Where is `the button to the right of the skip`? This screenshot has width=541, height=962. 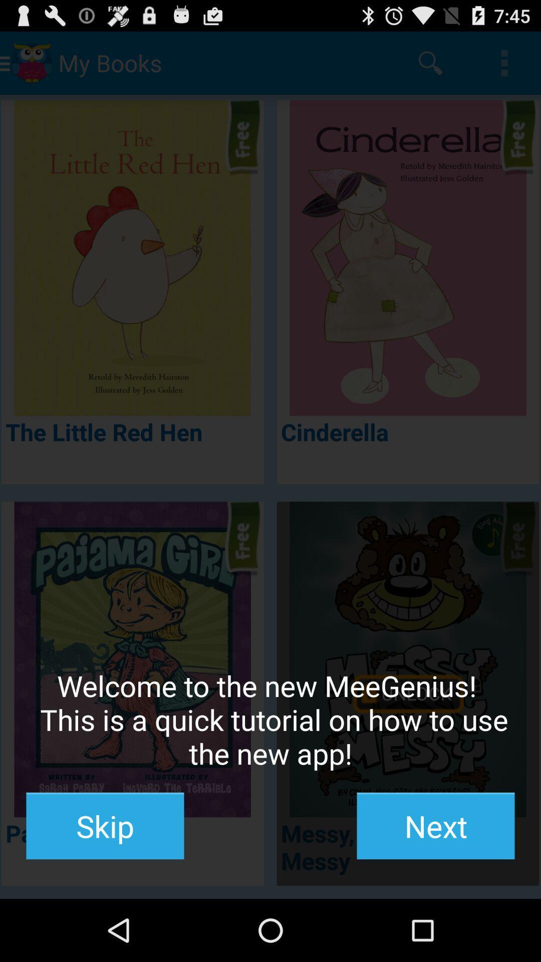 the button to the right of the skip is located at coordinates (435, 826).